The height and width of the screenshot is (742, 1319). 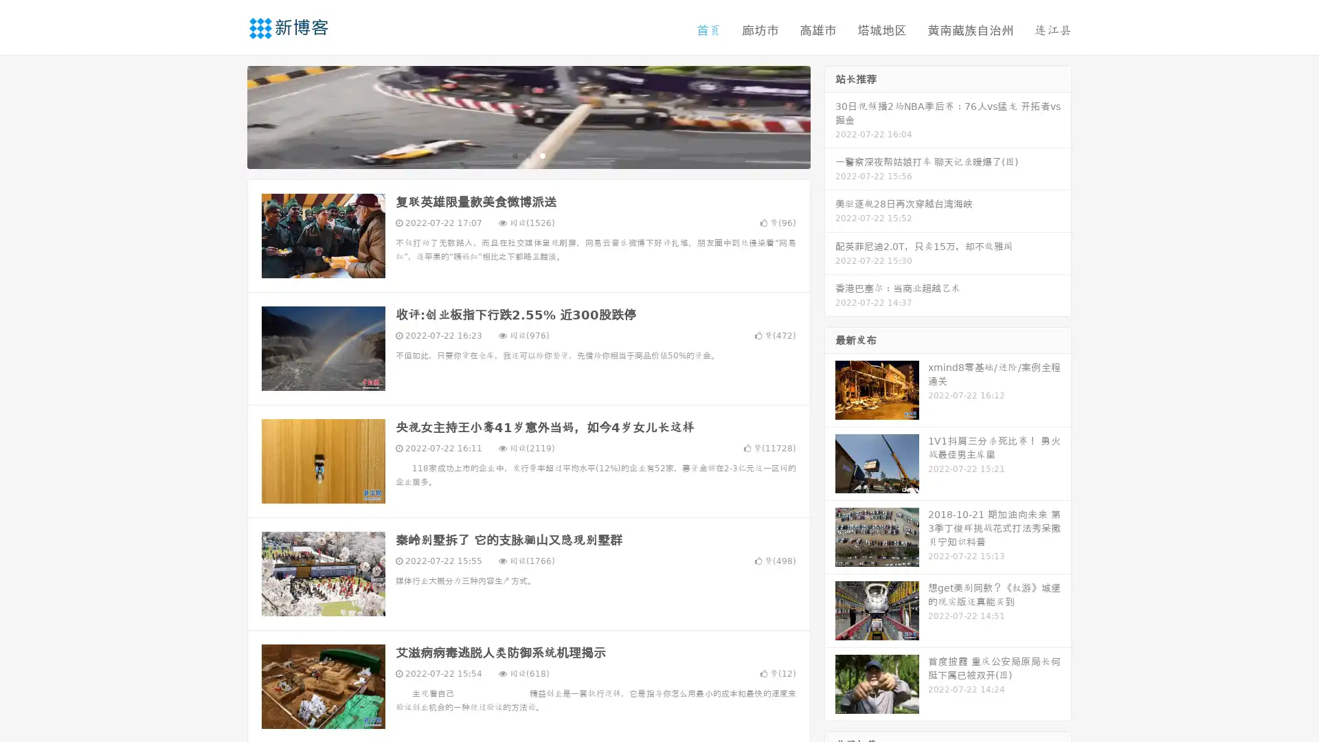 What do you see at coordinates (528, 155) in the screenshot?
I see `Go to slide 2` at bounding box center [528, 155].